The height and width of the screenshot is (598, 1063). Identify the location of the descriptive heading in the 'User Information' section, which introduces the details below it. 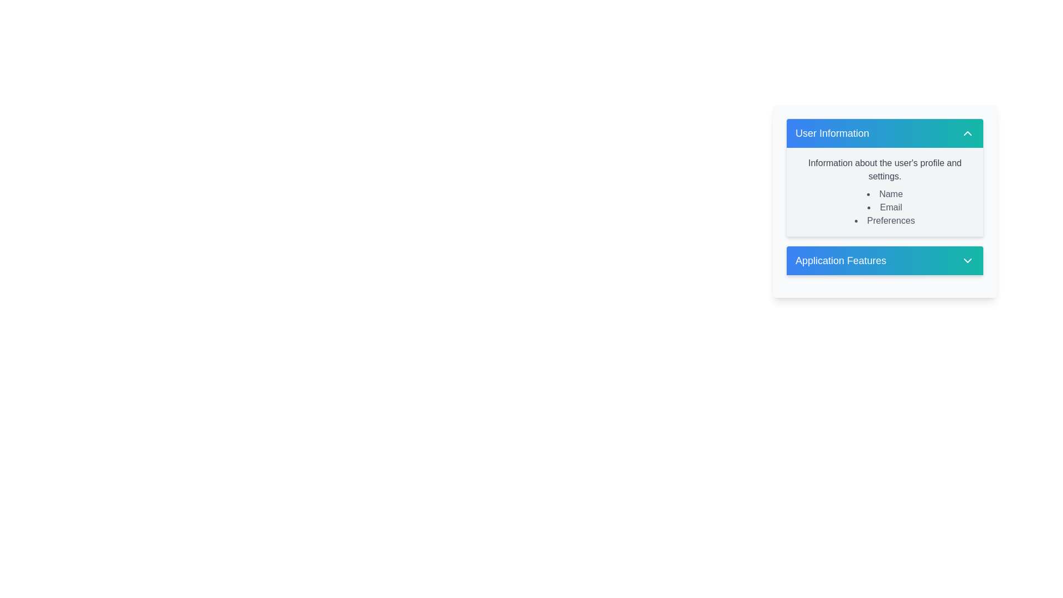
(884, 170).